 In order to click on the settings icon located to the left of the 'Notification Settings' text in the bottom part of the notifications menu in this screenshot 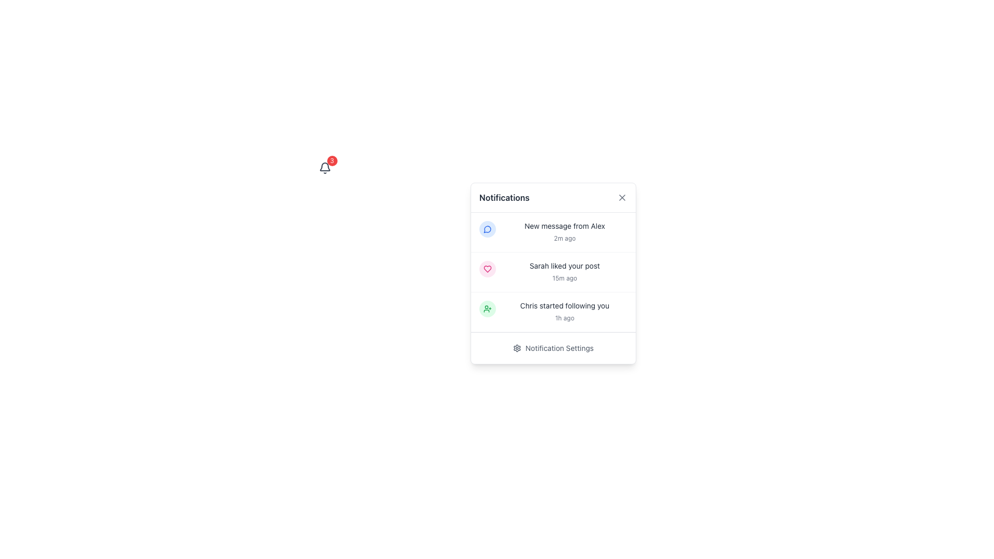, I will do `click(517, 348)`.